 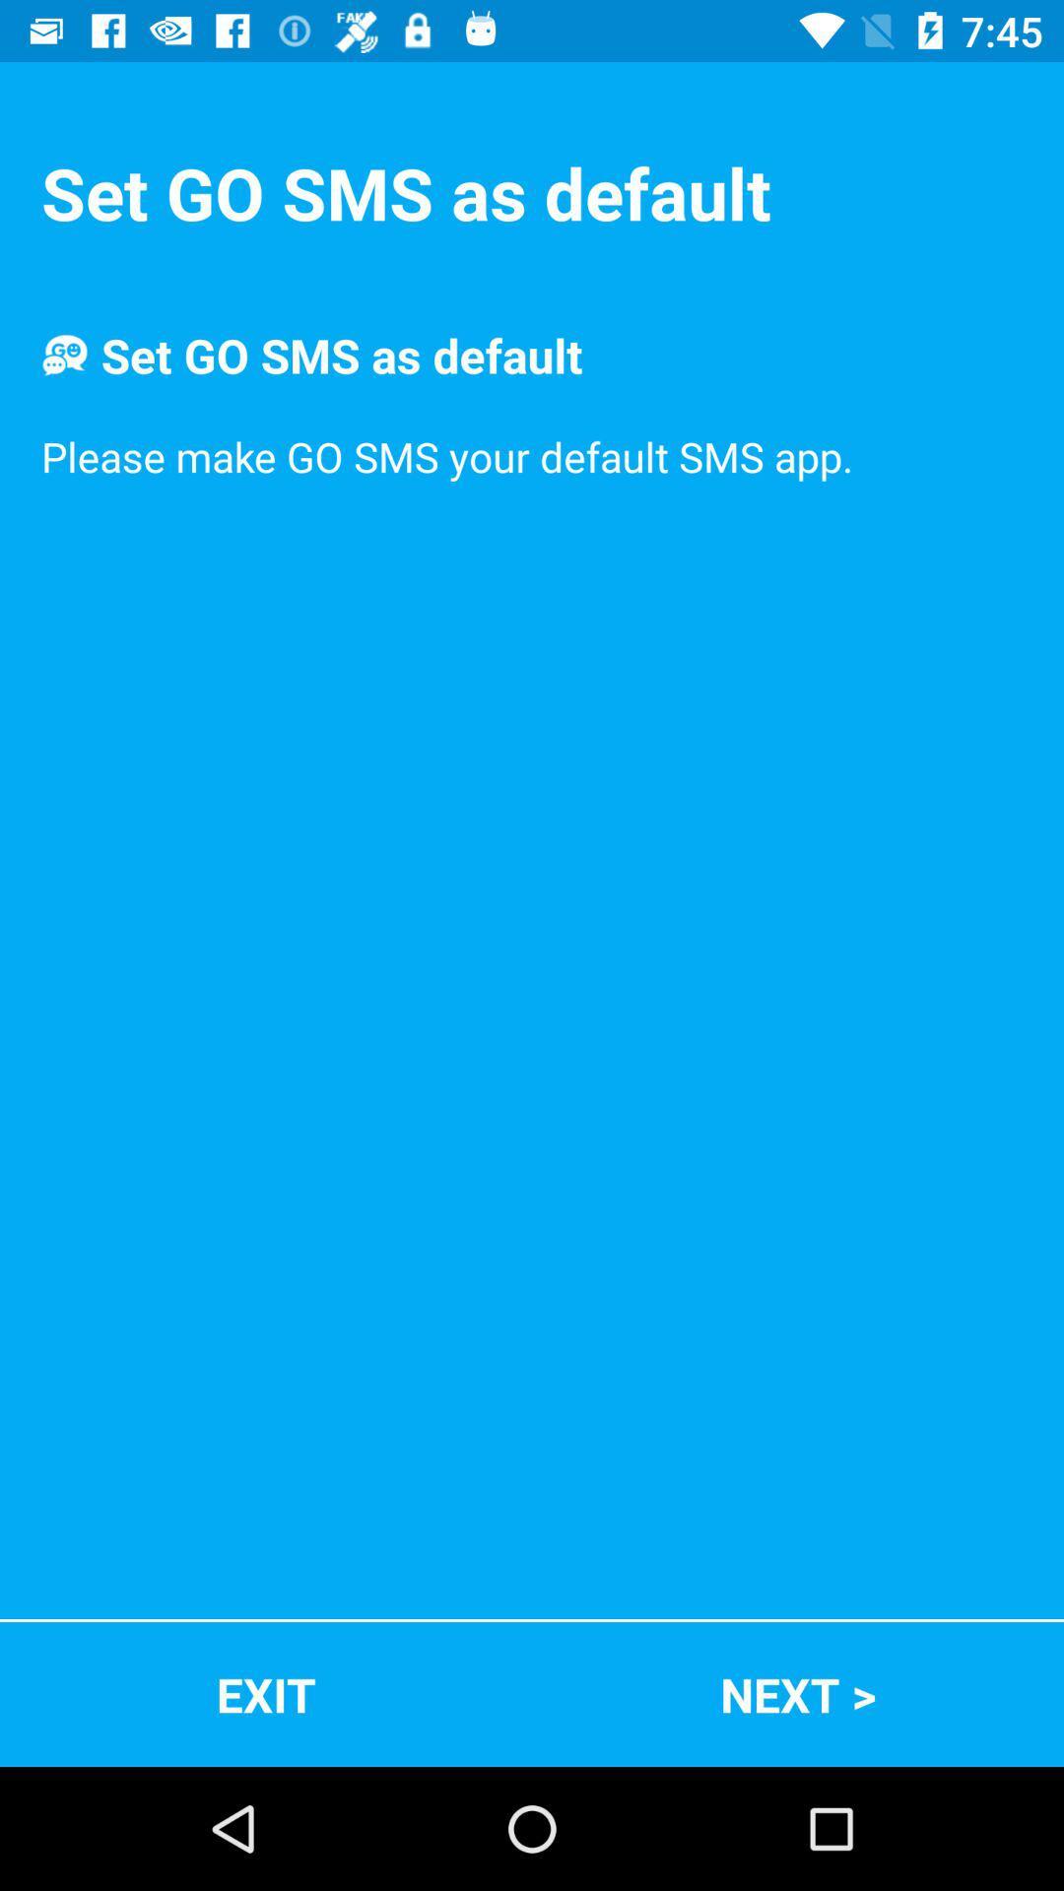 I want to click on next > icon, so click(x=798, y=1693).